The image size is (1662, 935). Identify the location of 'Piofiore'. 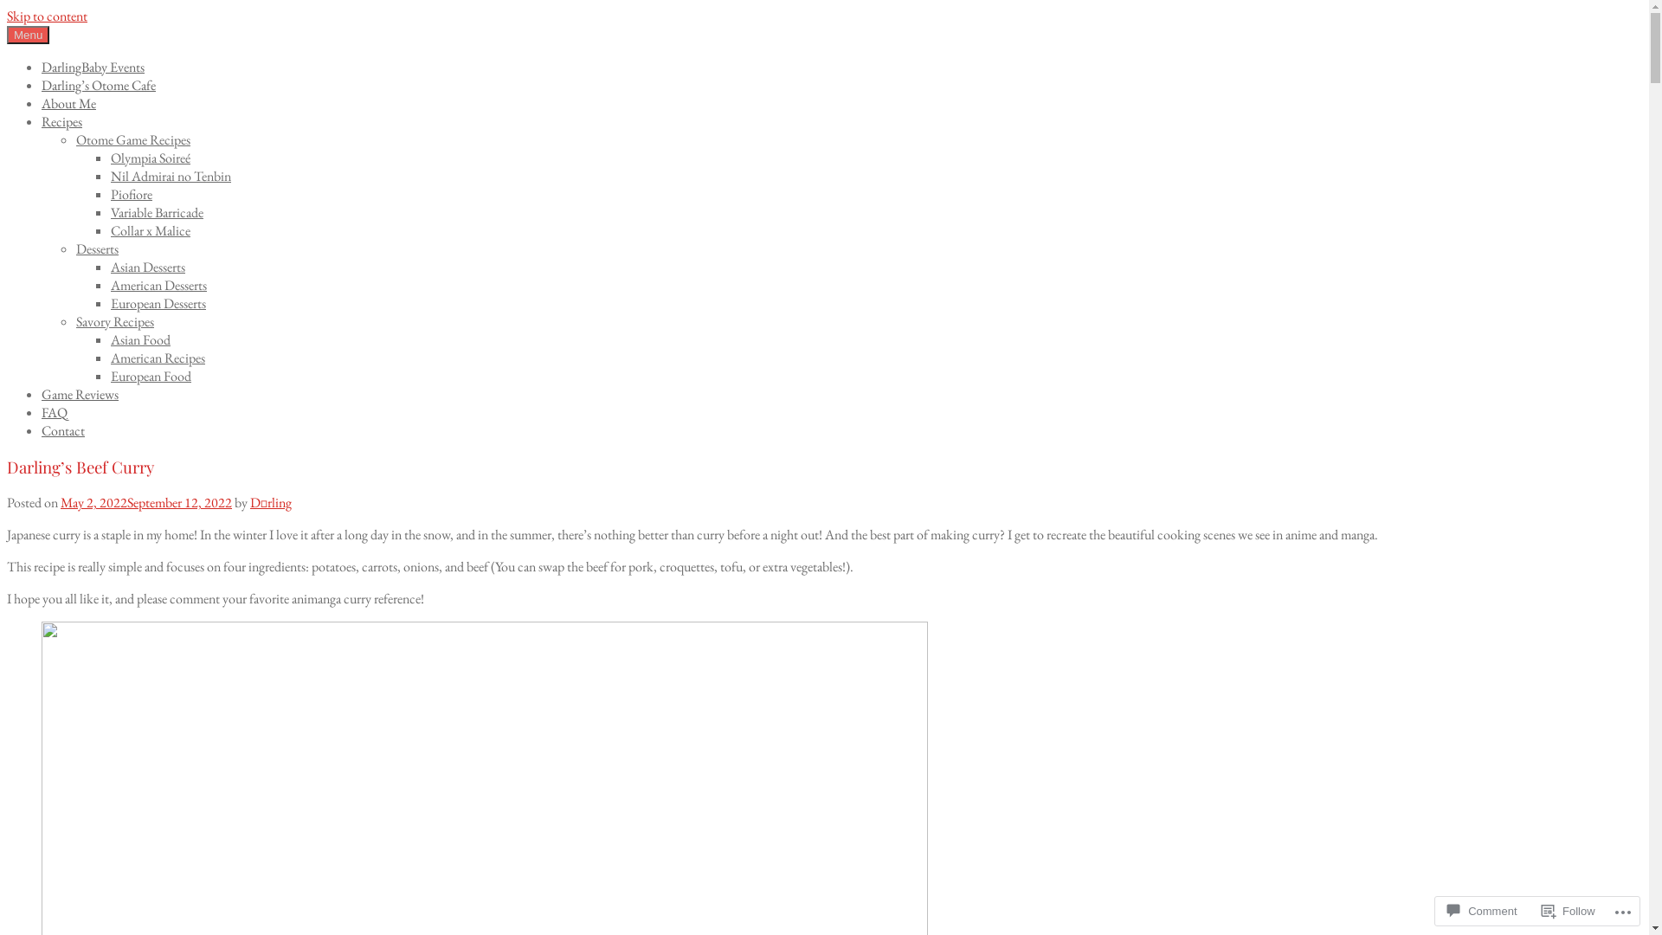
(131, 194).